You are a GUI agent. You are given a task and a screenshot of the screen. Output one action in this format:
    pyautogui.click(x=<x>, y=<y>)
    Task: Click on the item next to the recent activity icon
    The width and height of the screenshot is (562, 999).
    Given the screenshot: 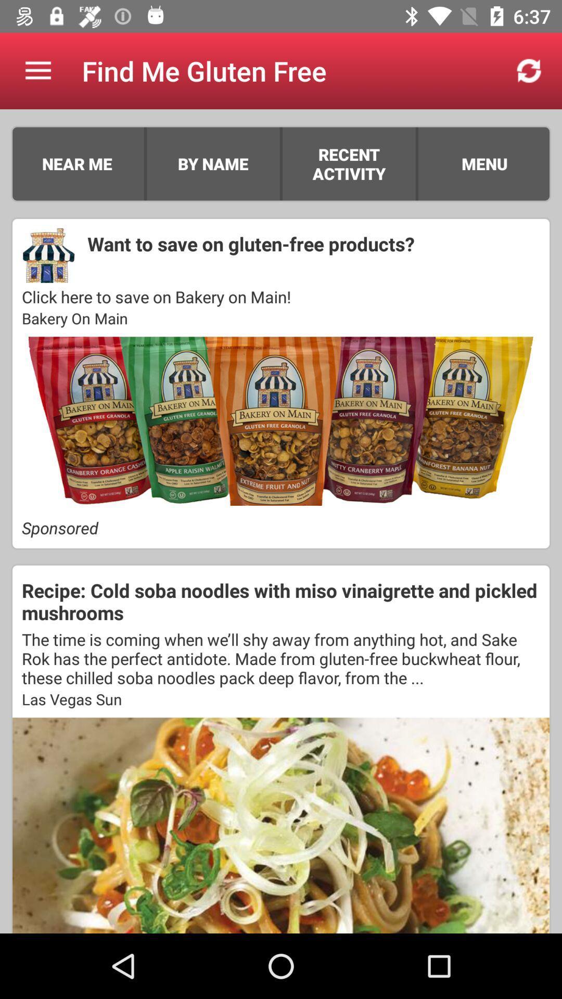 What is the action you would take?
    pyautogui.click(x=416, y=163)
    